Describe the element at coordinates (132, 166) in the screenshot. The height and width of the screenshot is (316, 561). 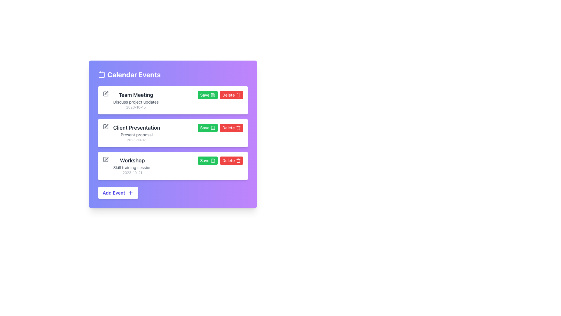
I see `the Static Text Block displaying the title, description, and date for the 'Workshop' event, which is located in the third event card of the 'Calendar Events' section` at that location.